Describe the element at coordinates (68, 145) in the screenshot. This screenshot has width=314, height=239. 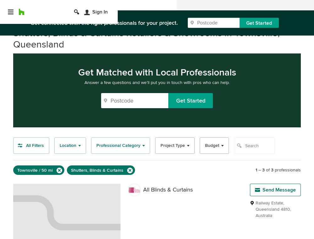
I see `'Location'` at that location.